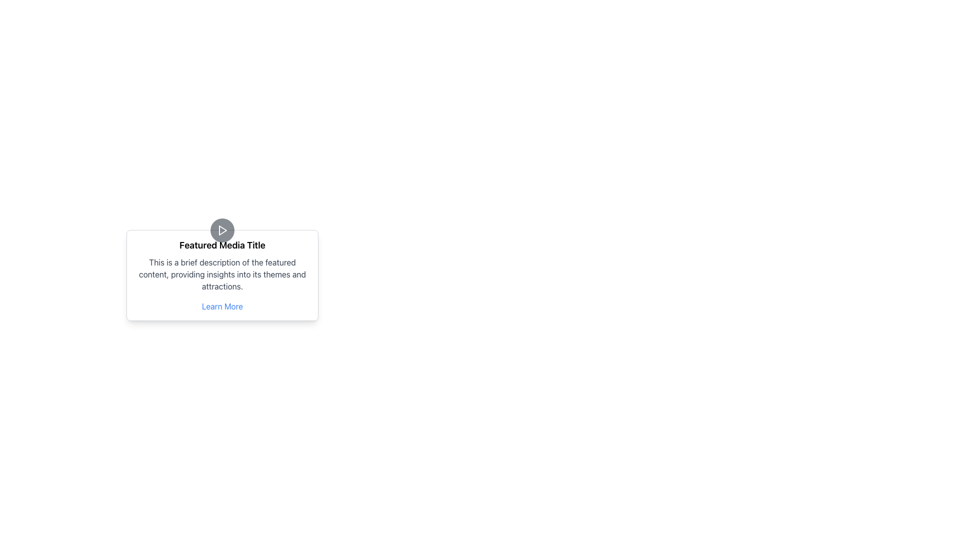 The image size is (960, 540). What do you see at coordinates (222, 230) in the screenshot?
I see `the circular button with a gray background and a white triangular play icon at its center to play the media` at bounding box center [222, 230].